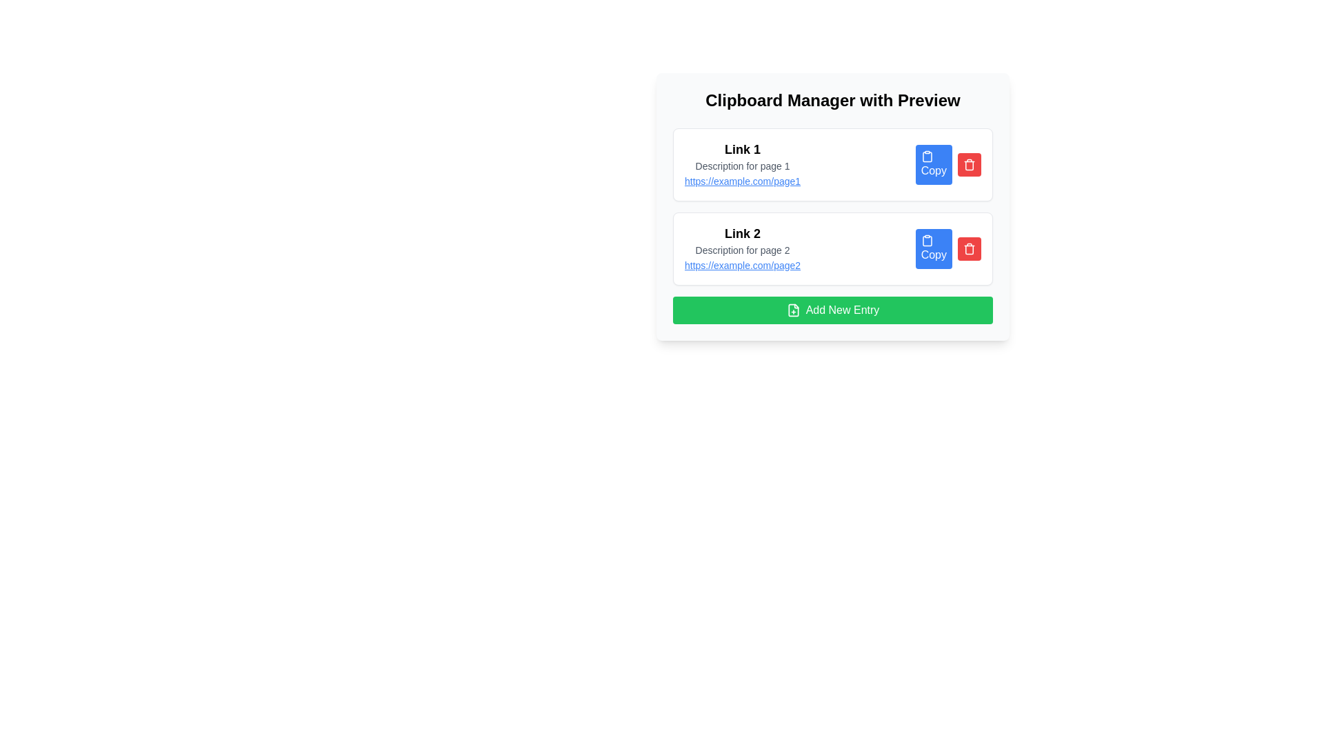 The image size is (1324, 745). What do you see at coordinates (969, 250) in the screenshot?
I see `the lower portion of the trash can icon, which signifies a deletion action, to initiate deletion` at bounding box center [969, 250].